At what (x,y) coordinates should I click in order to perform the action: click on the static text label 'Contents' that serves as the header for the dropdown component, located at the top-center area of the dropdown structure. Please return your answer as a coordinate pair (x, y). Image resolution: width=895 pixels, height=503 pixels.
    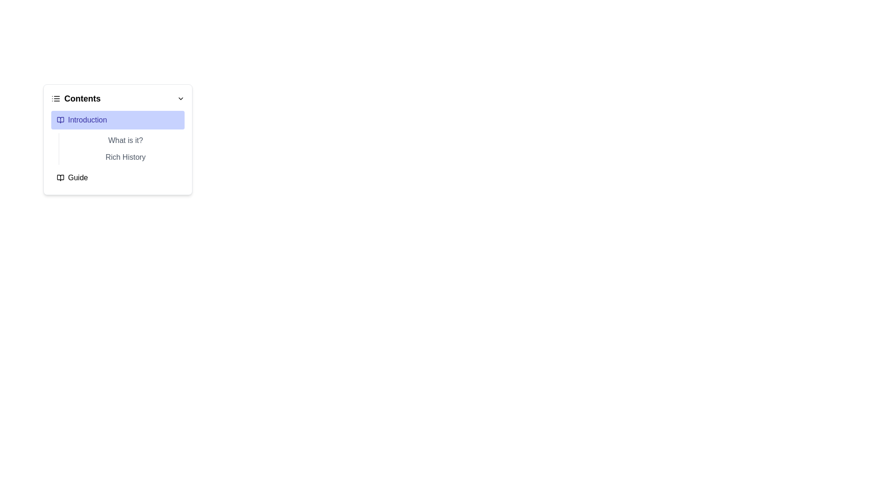
    Looking at the image, I should click on (83, 99).